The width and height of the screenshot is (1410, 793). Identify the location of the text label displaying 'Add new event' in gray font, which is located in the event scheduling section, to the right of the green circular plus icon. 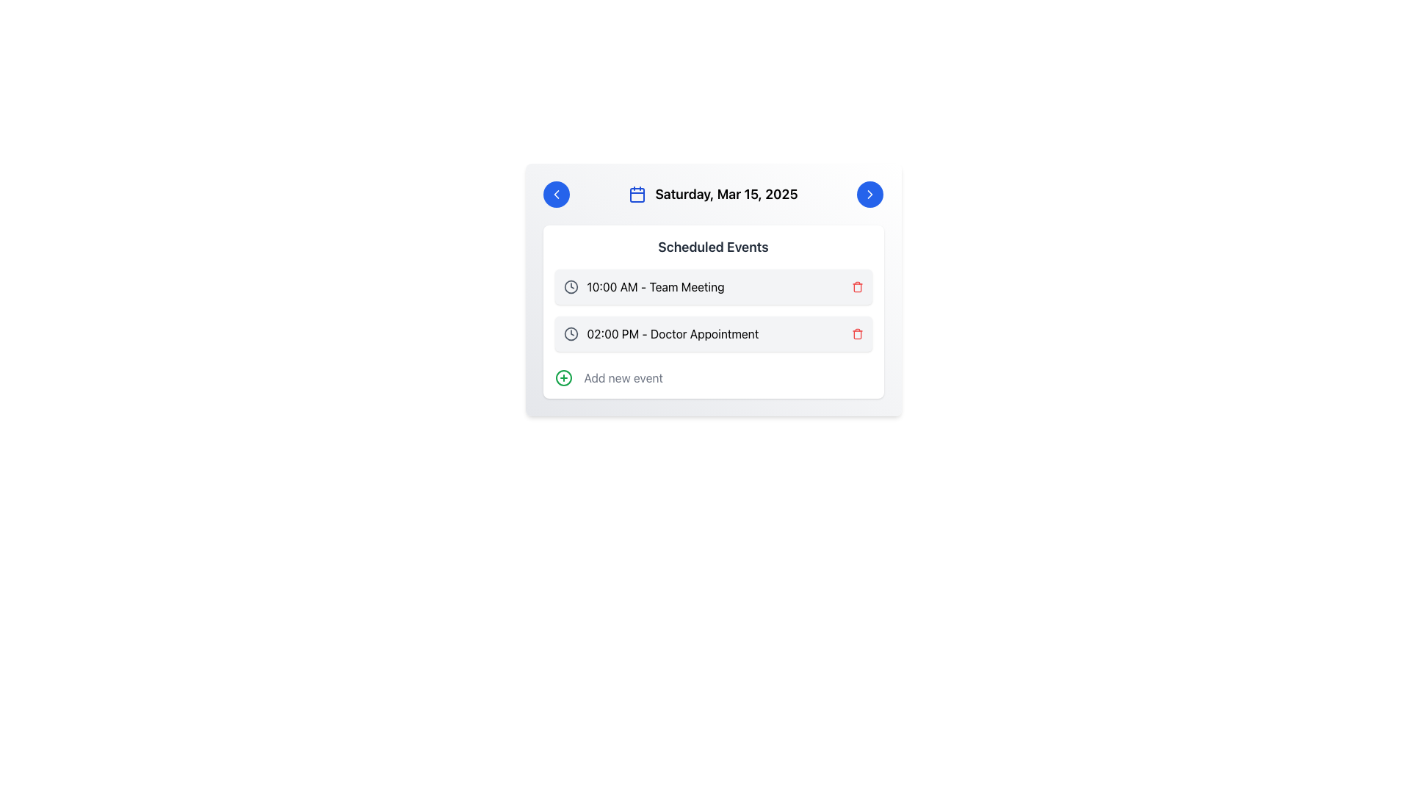
(623, 377).